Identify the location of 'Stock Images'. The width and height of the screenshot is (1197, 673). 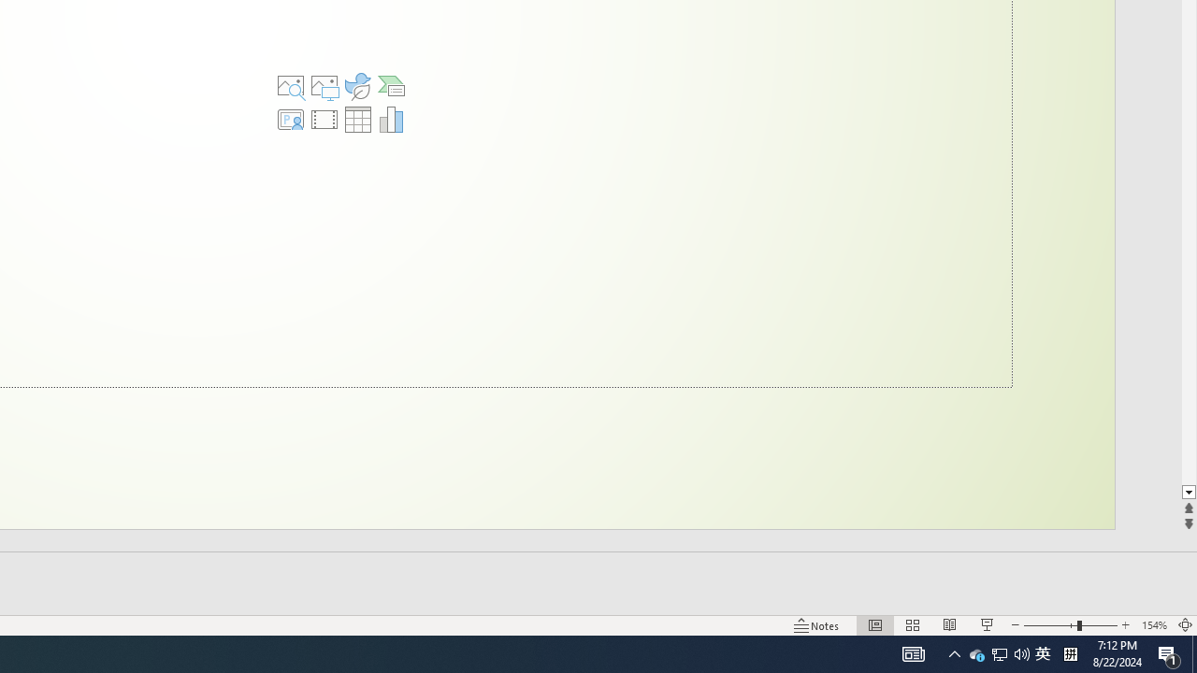
(289, 86).